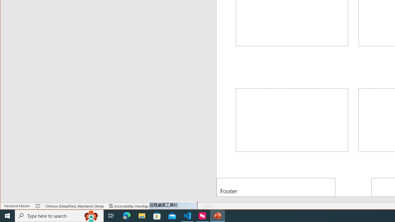 The height and width of the screenshot is (222, 395). Describe the element at coordinates (91, 215) in the screenshot. I see `'Search highlights icon opens search home window'` at that location.